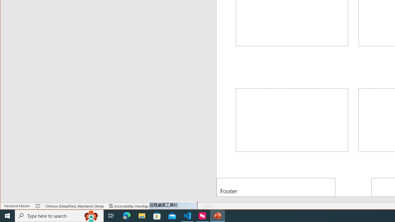 The height and width of the screenshot is (222, 395). Describe the element at coordinates (91, 215) in the screenshot. I see `'Search highlights icon opens search home window'` at that location.